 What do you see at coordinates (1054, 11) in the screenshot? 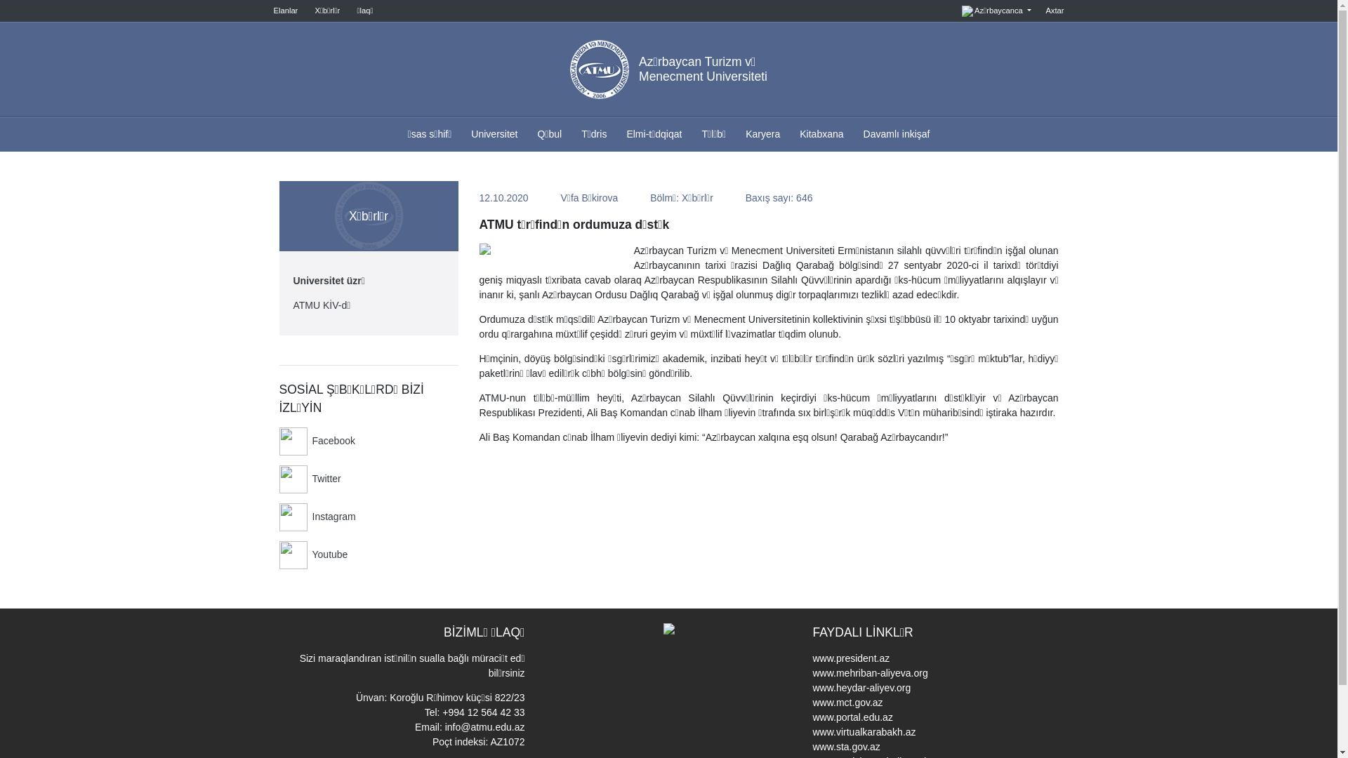
I see `'Axtar'` at bounding box center [1054, 11].